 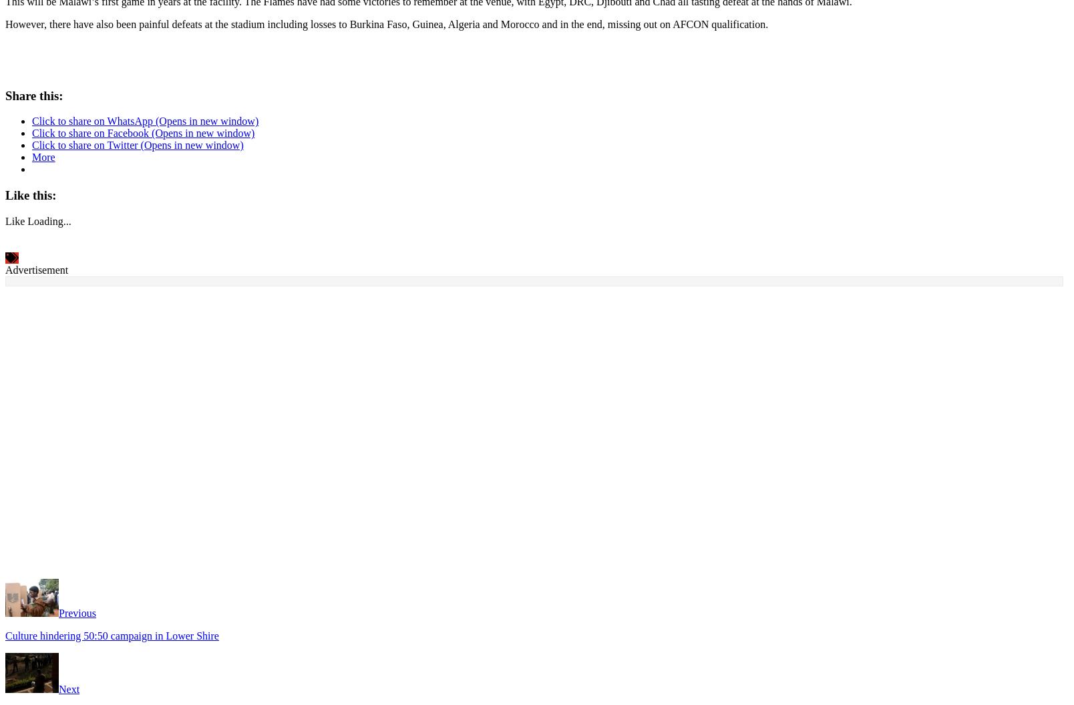 What do you see at coordinates (111, 633) in the screenshot?
I see `'Culture hindering 50:50 campaign in Lower Shire'` at bounding box center [111, 633].